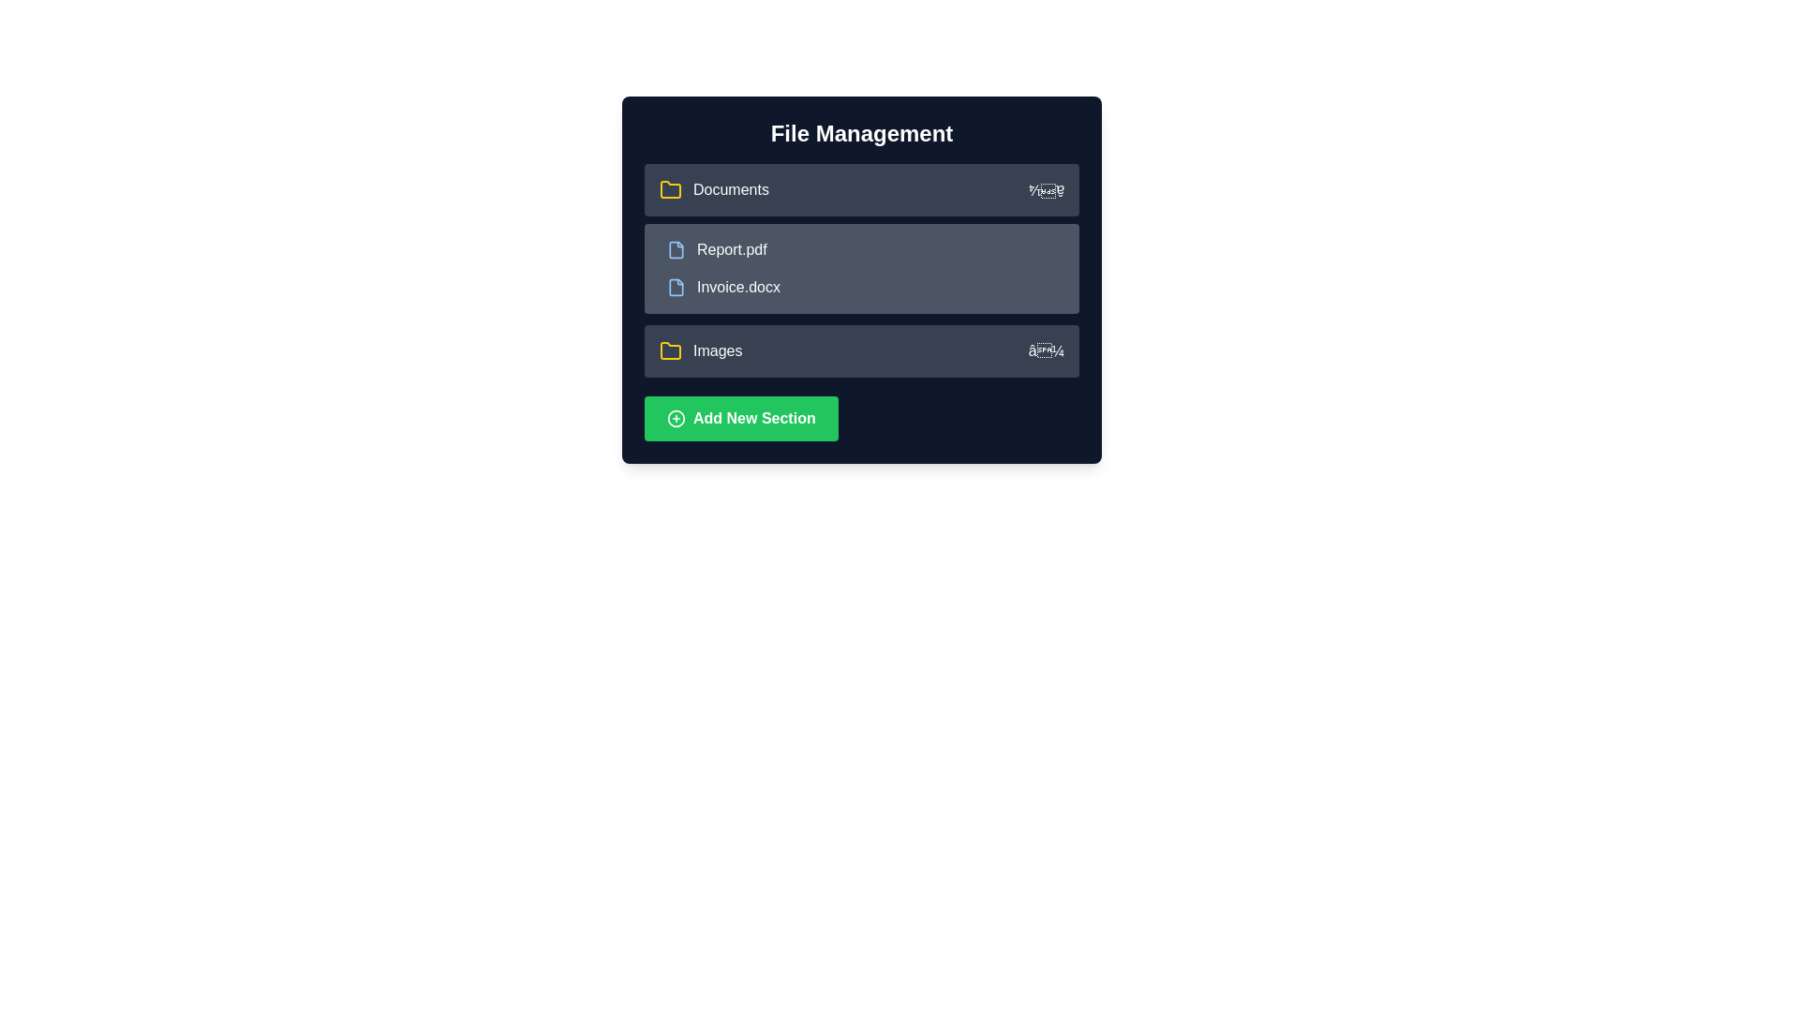 Image resolution: width=1799 pixels, height=1012 pixels. I want to click on the collapse/expand icon positioned towards the right edge of the 'Images' row in the dropdown component, so click(1045, 350).